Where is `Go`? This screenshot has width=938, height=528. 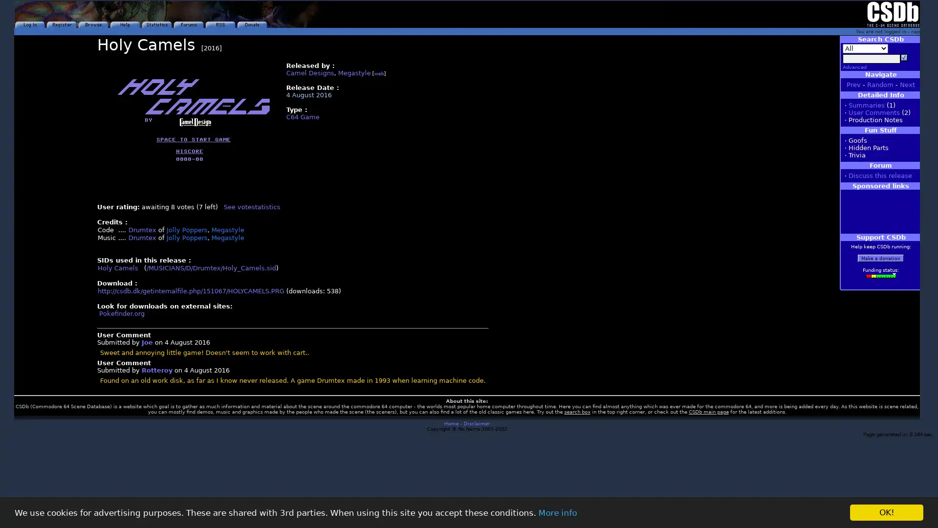 Go is located at coordinates (904, 58).